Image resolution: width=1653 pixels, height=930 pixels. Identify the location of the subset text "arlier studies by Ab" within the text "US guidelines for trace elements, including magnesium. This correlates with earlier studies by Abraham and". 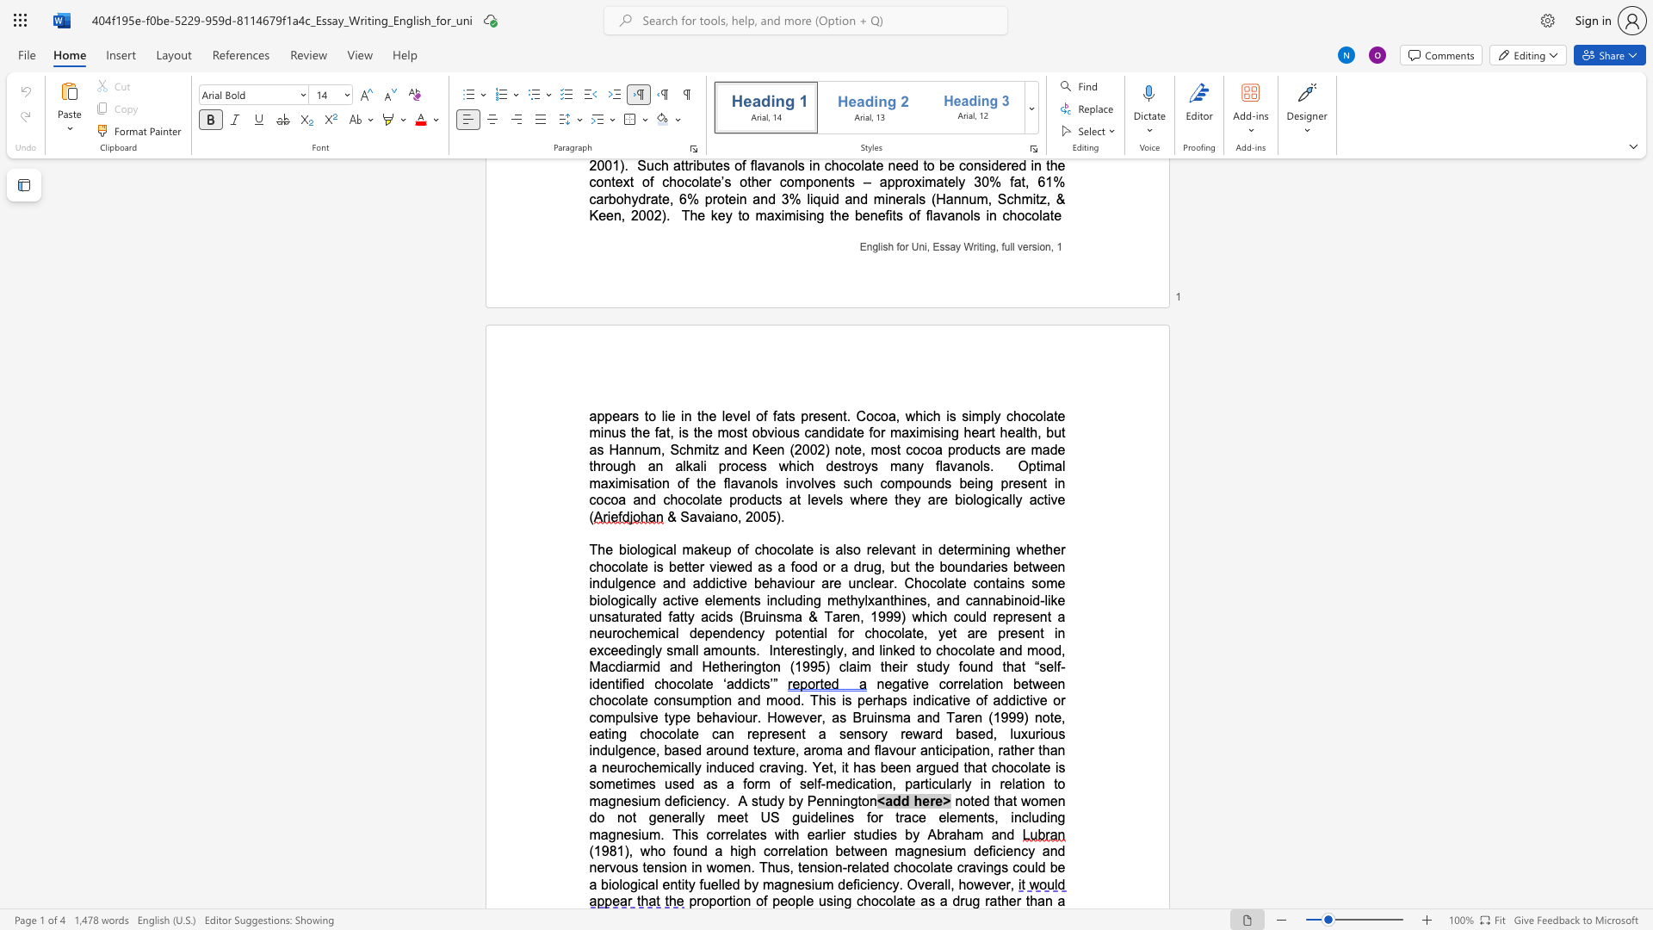
(814, 834).